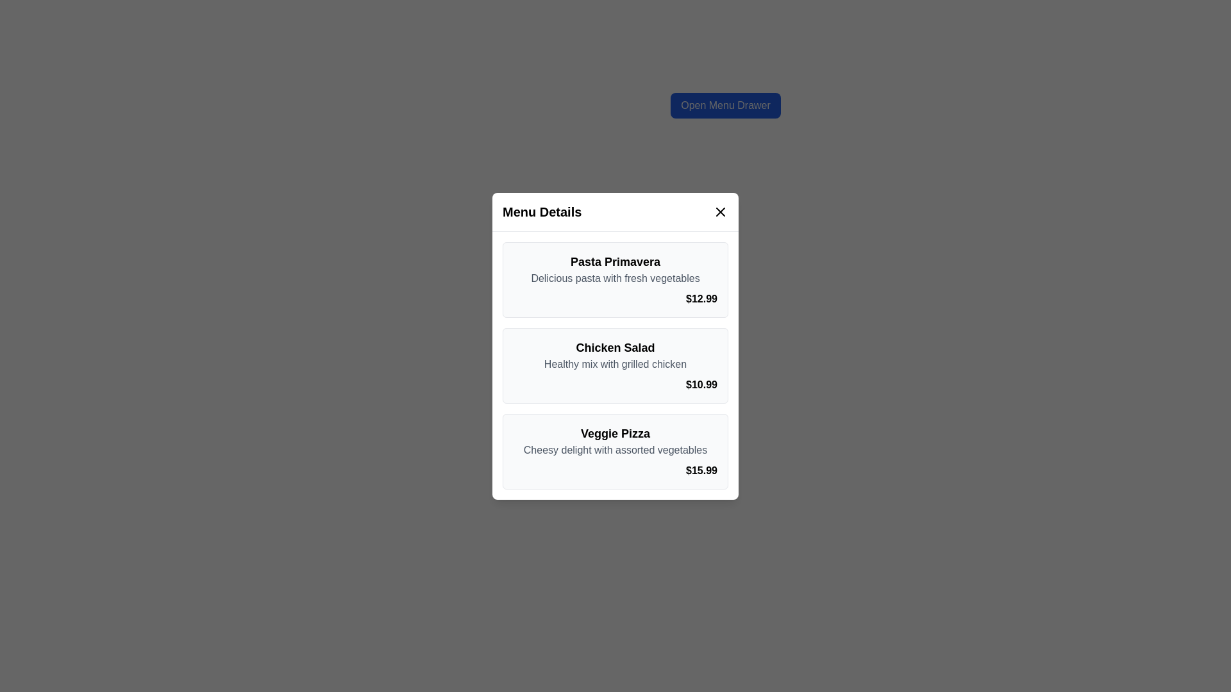 The width and height of the screenshot is (1231, 692). Describe the element at coordinates (720, 211) in the screenshot. I see `the Close Button, which is a graphical 'X' icon with black lines on a white background, positioned at the top-right corner of the 'Menu Details' overlay` at that location.